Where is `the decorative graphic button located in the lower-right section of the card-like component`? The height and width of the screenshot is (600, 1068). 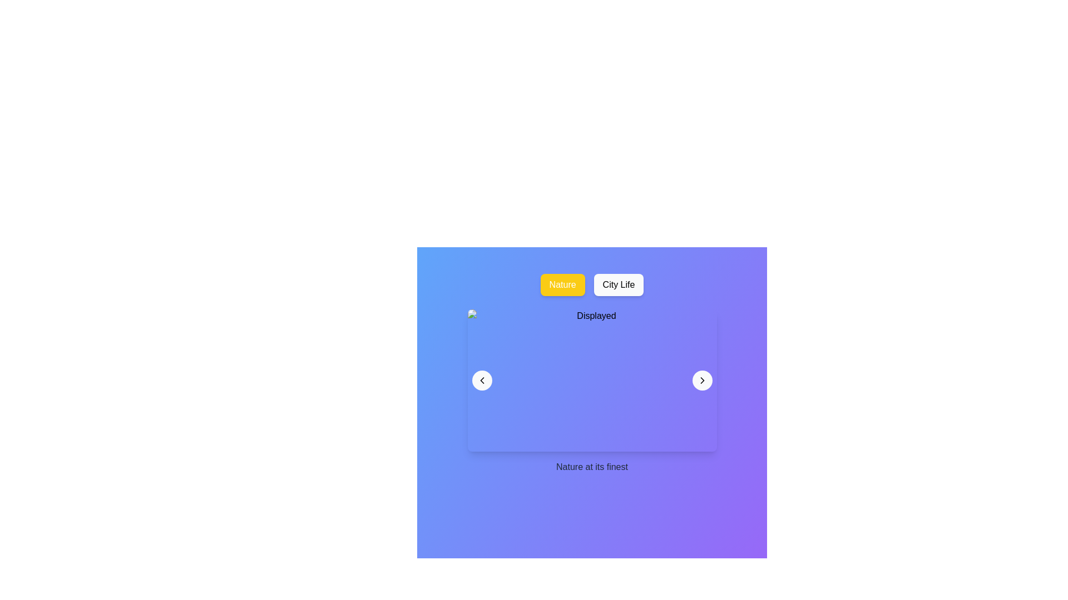 the decorative graphic button located in the lower-right section of the card-like component is located at coordinates (701, 380).